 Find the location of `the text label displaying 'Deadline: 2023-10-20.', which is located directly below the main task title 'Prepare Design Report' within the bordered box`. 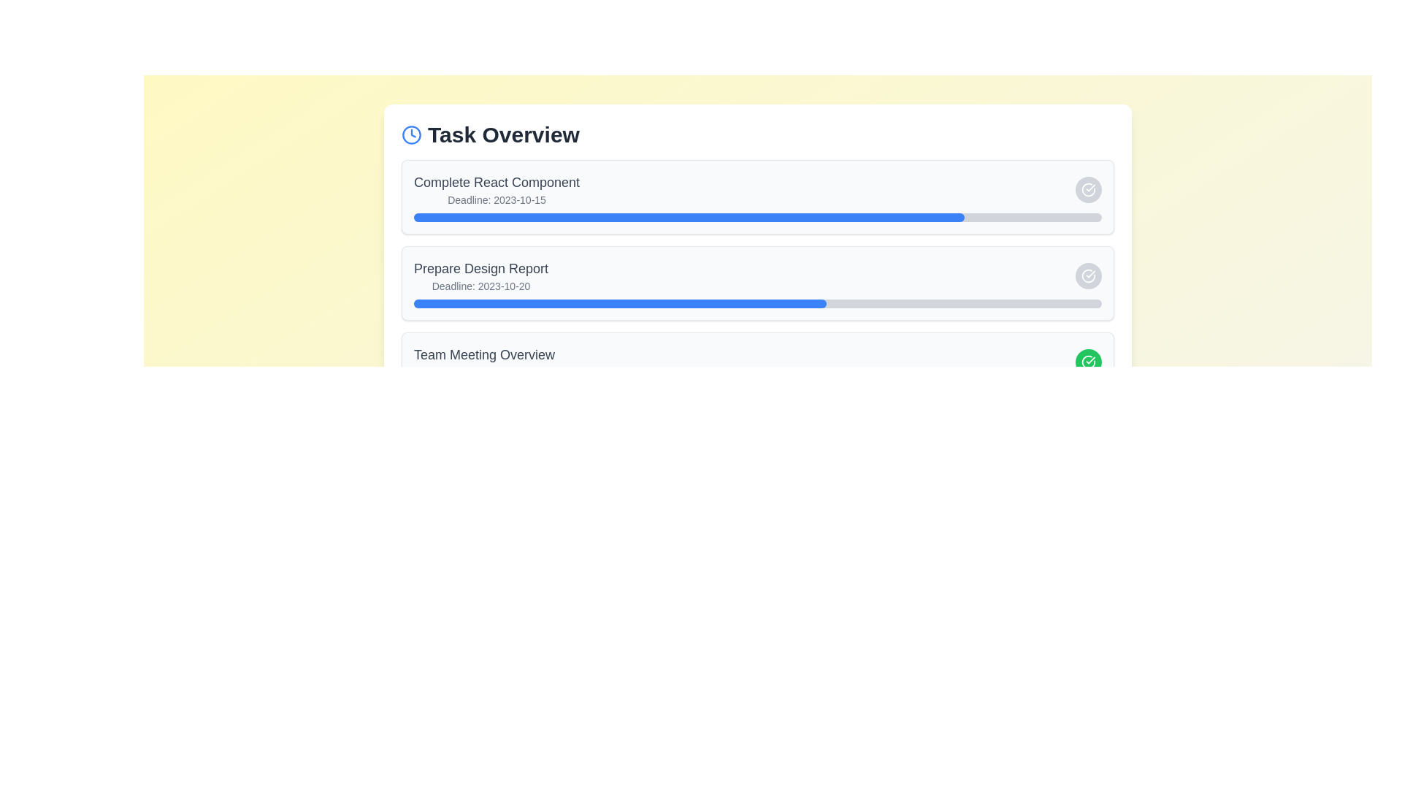

the text label displaying 'Deadline: 2023-10-20.', which is located directly below the main task title 'Prepare Design Report' within the bordered box is located at coordinates (481, 286).